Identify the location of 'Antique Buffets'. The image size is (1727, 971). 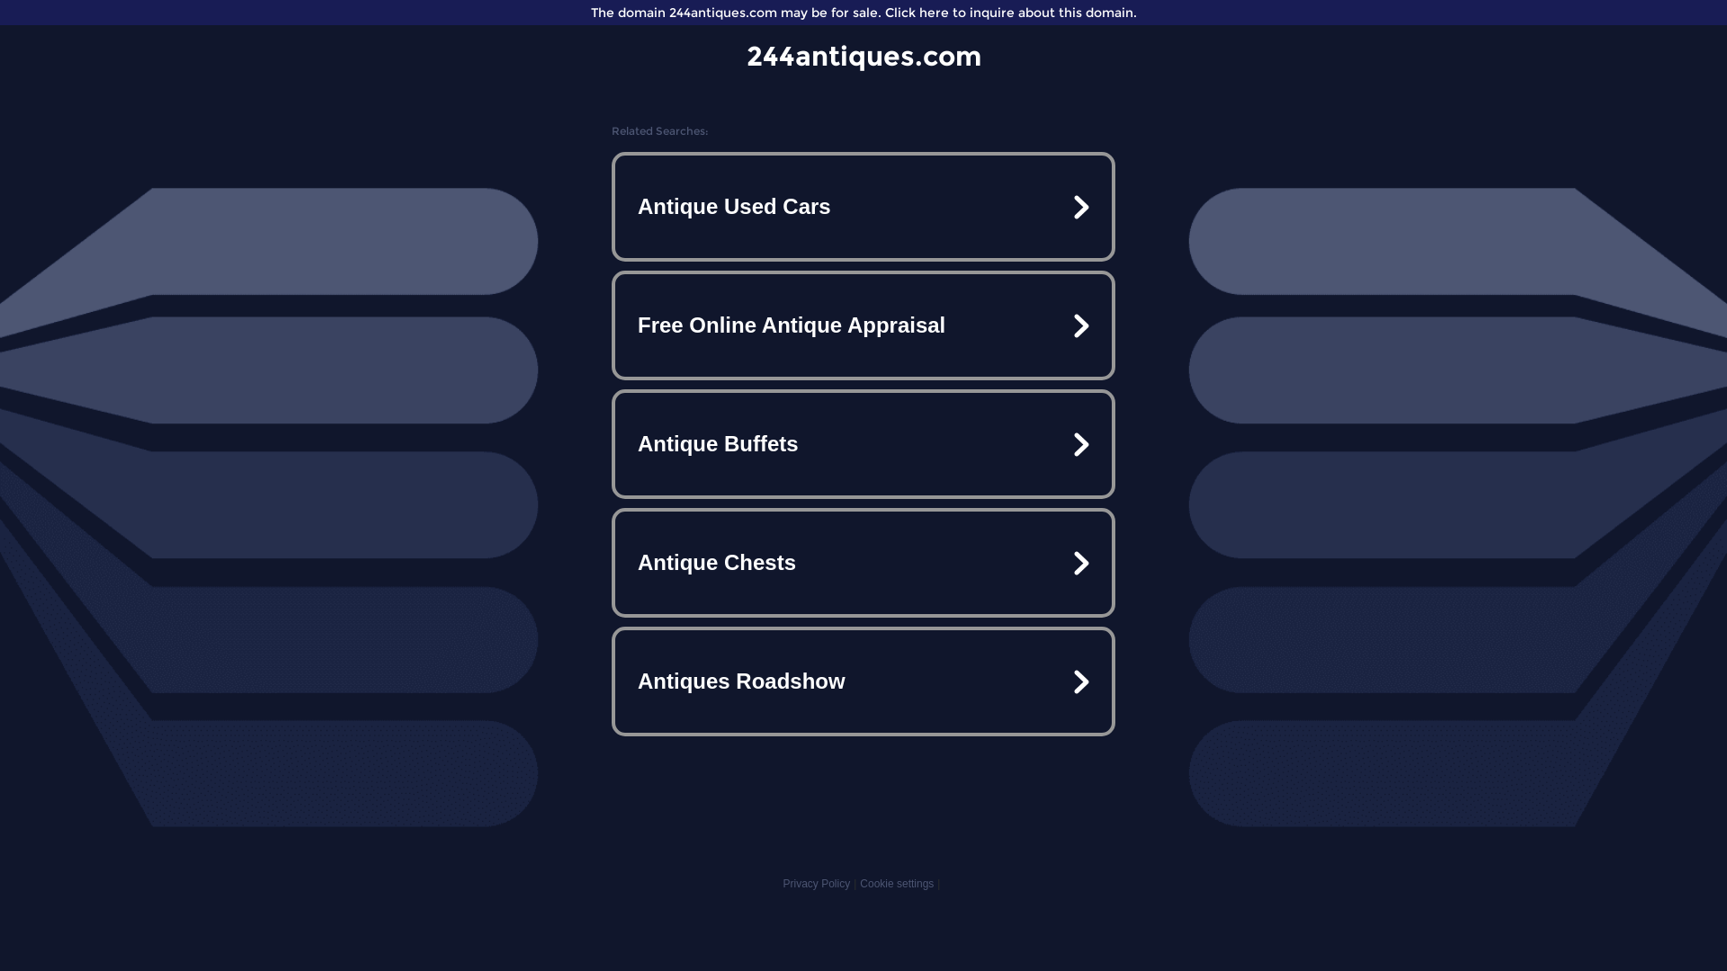
(863, 443).